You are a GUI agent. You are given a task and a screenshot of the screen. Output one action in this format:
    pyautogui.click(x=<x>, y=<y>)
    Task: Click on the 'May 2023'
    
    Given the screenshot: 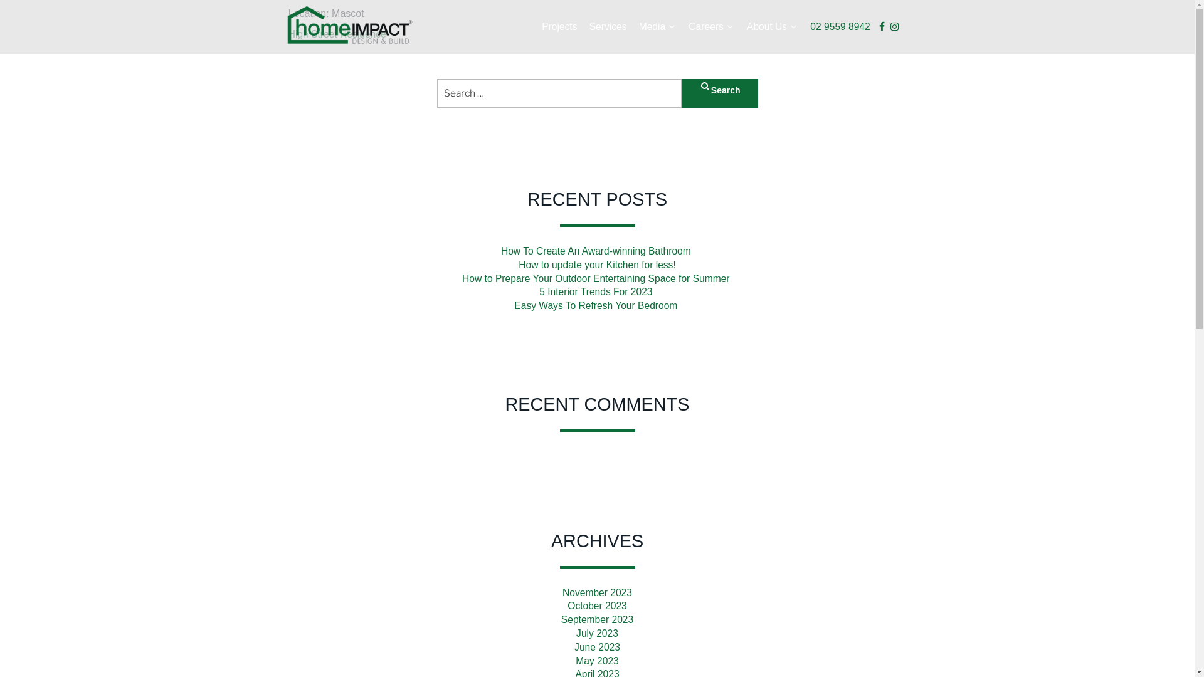 What is the action you would take?
    pyautogui.click(x=596, y=660)
    